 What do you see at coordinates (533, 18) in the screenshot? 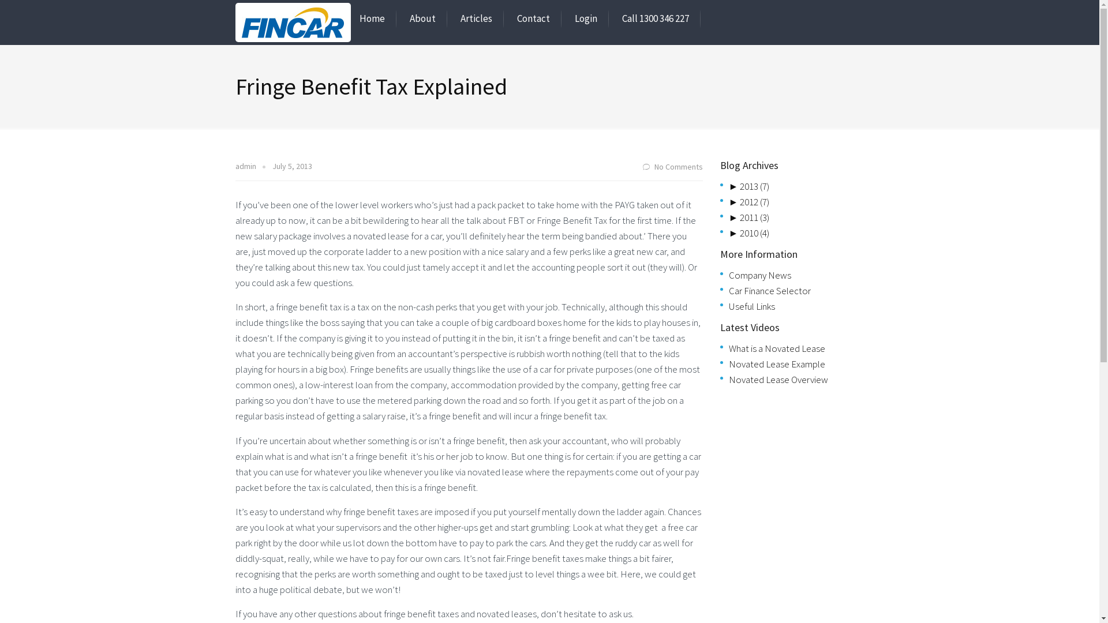
I see `'Contact'` at bounding box center [533, 18].